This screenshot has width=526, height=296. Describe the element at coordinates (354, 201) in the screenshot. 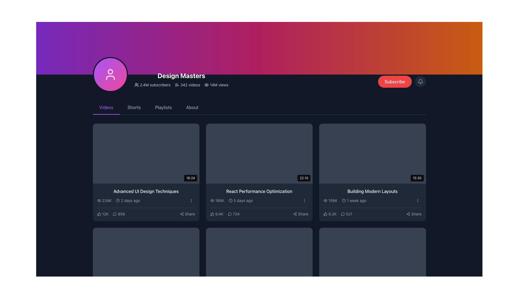

I see `timestamp description displayed as '1 week ago' with a clock icon, located below the title 'Building Modern Layouts' in the third column of the video grid` at that location.